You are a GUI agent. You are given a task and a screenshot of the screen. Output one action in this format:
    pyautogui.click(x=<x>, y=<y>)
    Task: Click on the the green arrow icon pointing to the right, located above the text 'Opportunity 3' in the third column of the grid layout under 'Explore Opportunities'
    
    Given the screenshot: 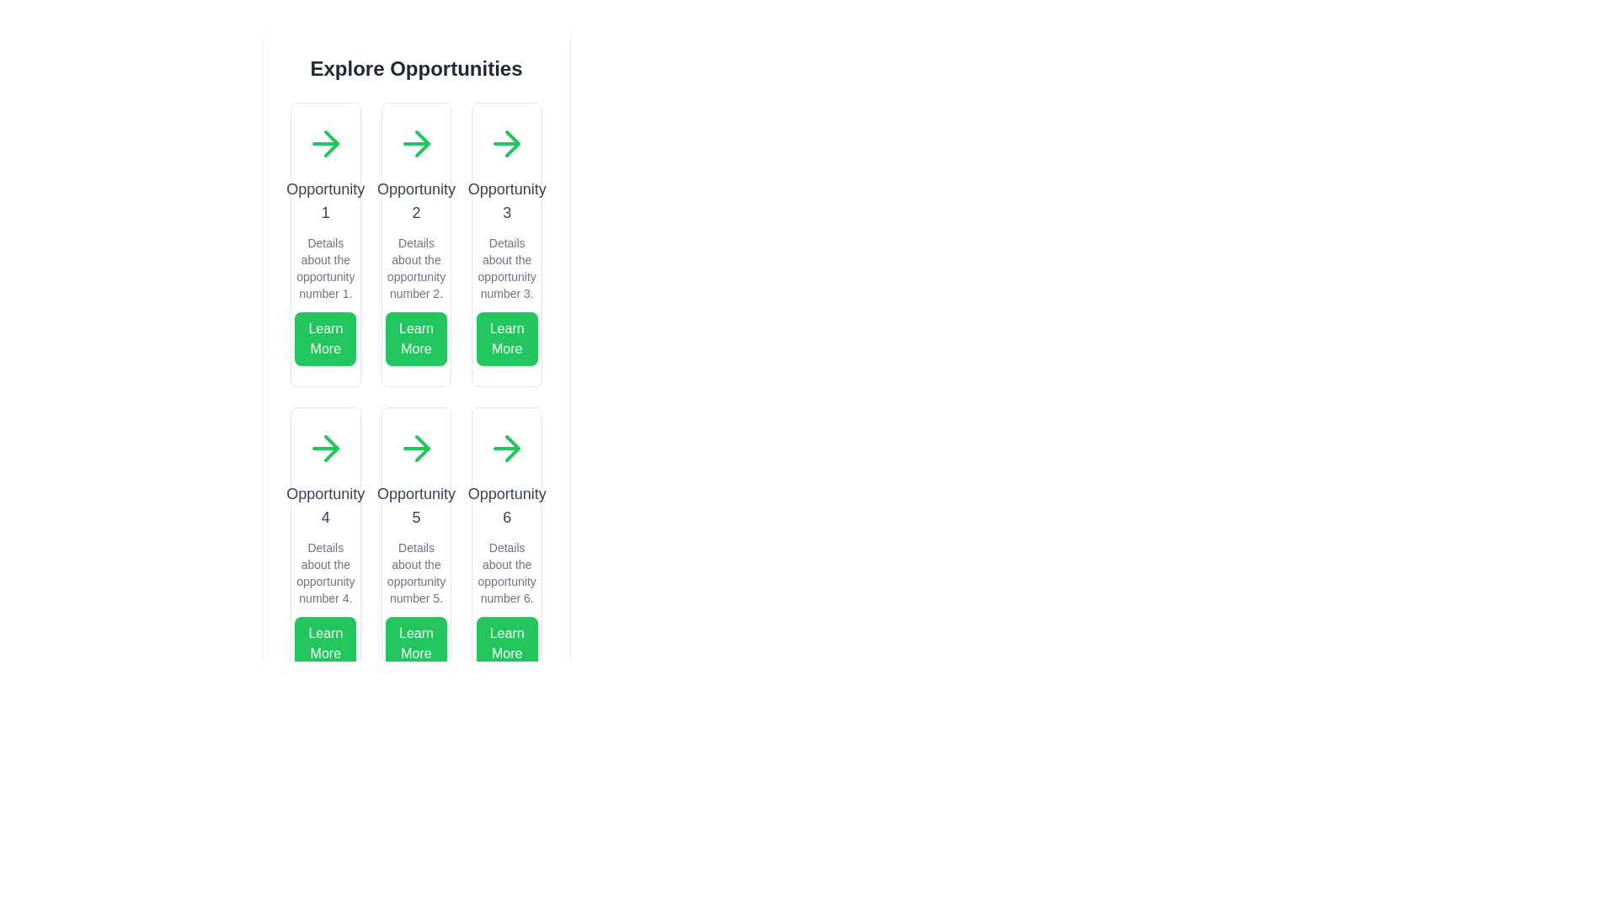 What is the action you would take?
    pyautogui.click(x=506, y=142)
    